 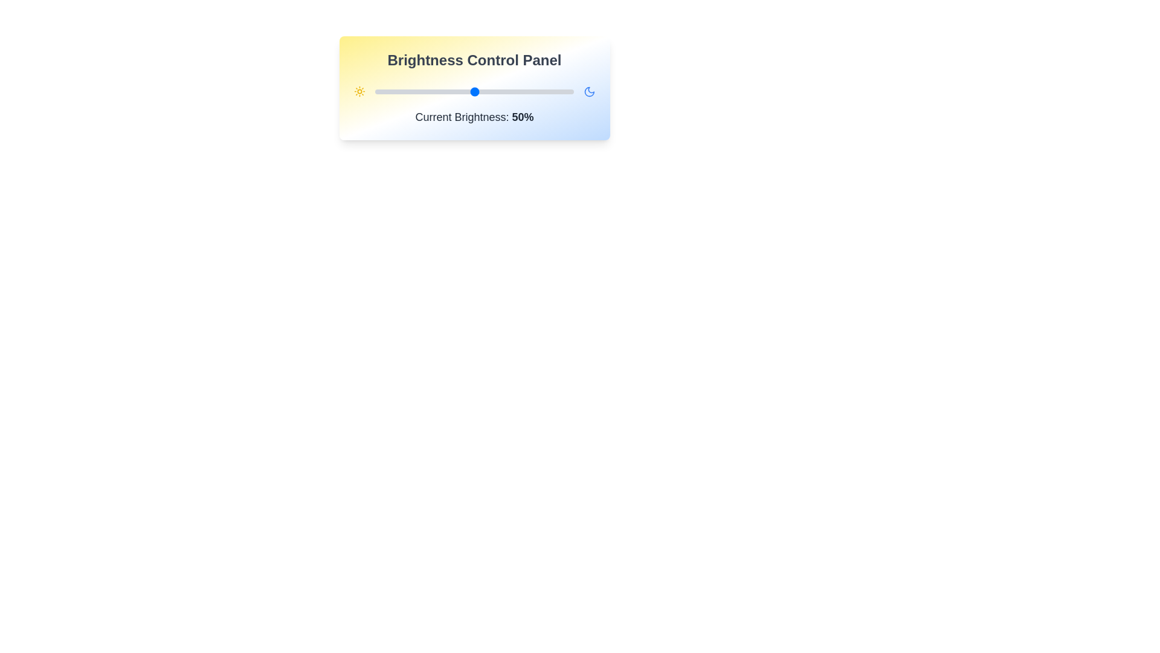 I want to click on the brightness level, so click(x=506, y=91).